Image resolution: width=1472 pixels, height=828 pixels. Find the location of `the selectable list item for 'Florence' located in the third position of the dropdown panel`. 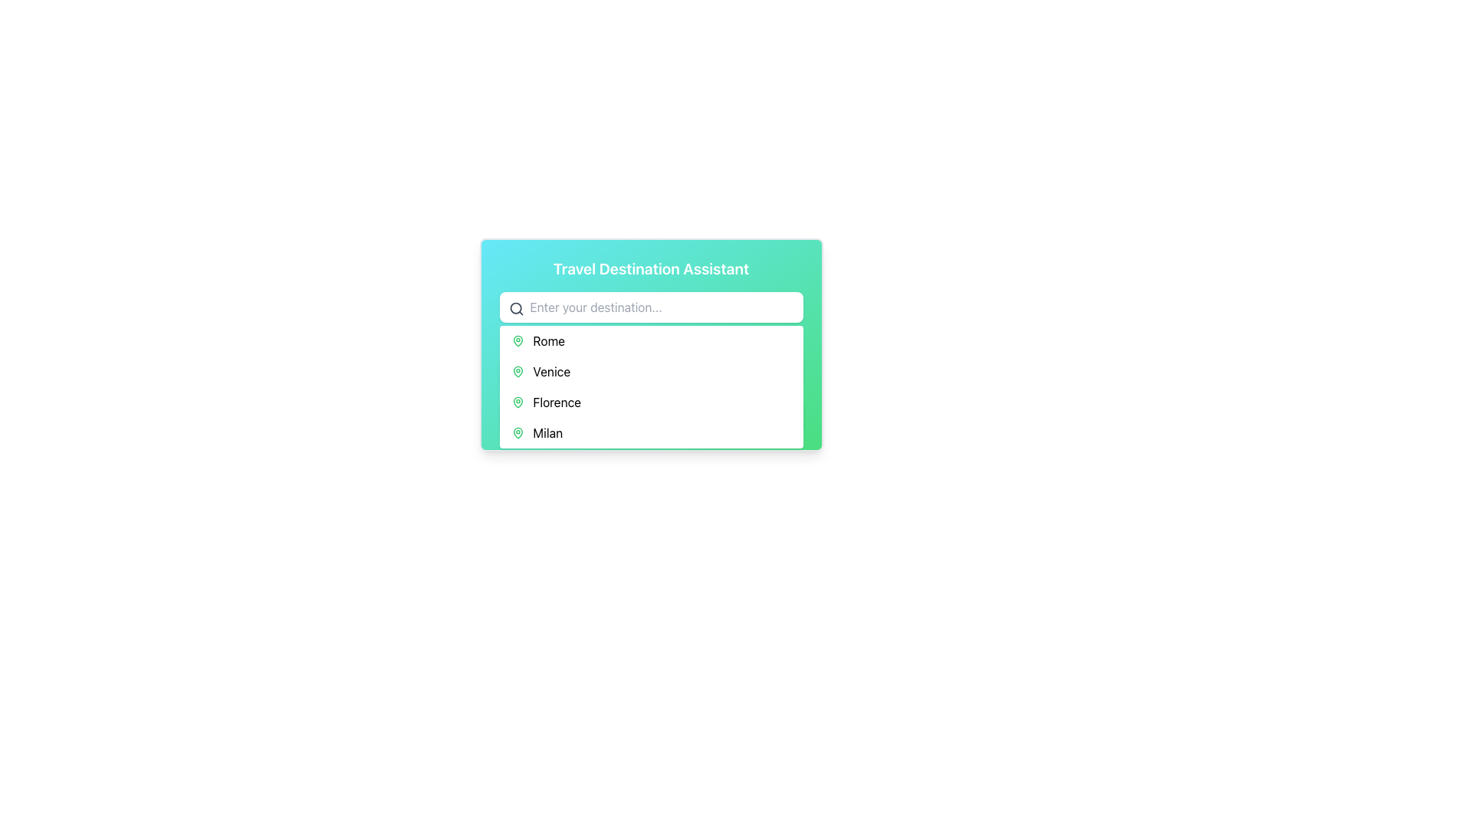

the selectable list item for 'Florence' located in the third position of the dropdown panel is located at coordinates (651, 401).